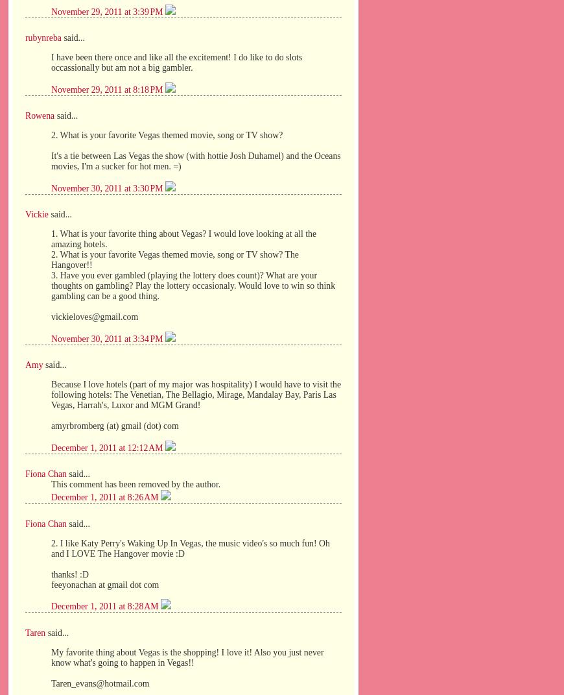 The image size is (564, 695). I want to click on 'I have been there once and like all the excitement!  I do like to do slots occassionally but am not a big gambler.', so click(176, 62).